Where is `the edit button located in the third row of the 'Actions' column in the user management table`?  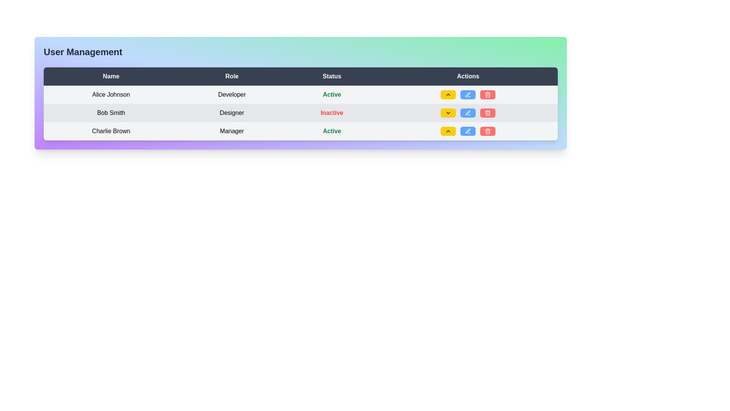
the edit button located in the third row of the 'Actions' column in the user management table is located at coordinates (467, 113).